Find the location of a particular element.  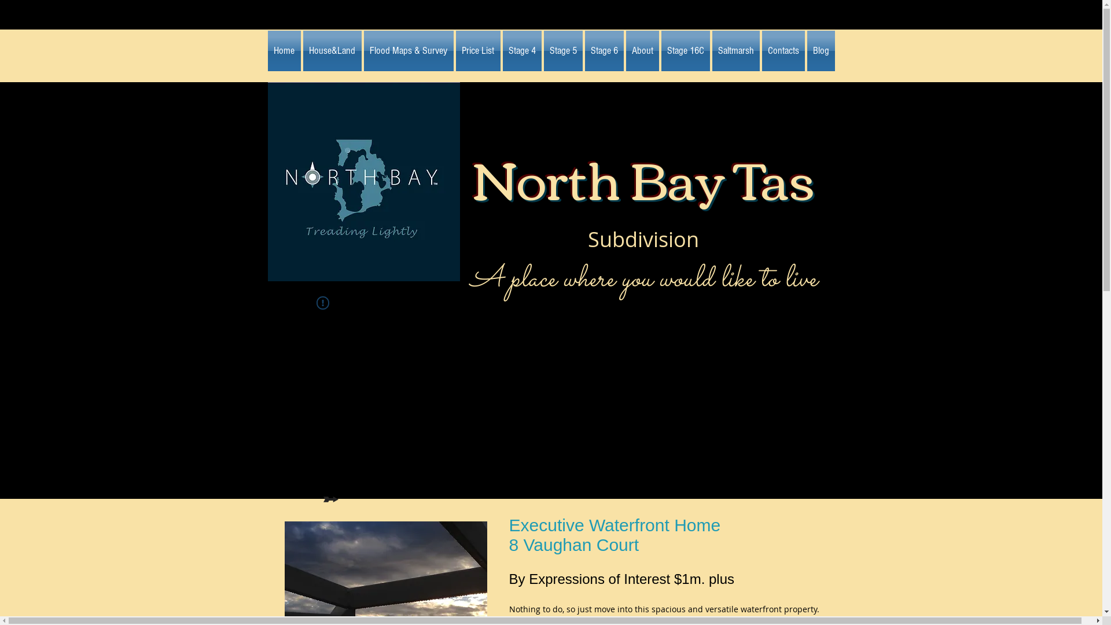

'Flood Maps & Survey' is located at coordinates (408, 50).